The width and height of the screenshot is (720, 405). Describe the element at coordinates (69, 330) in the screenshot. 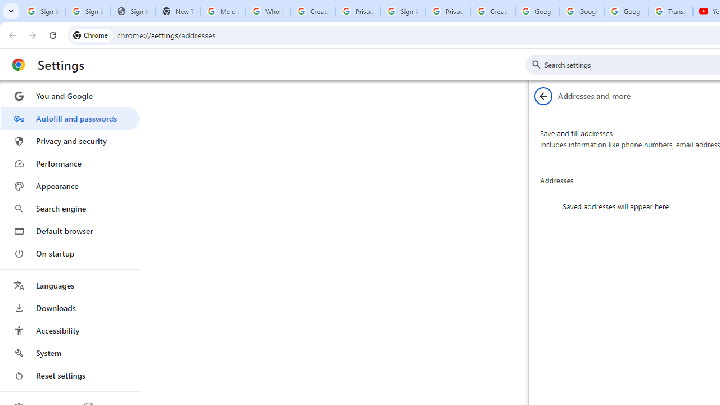

I see `'Accessibility'` at that location.